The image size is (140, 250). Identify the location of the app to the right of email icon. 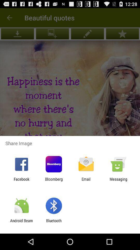
(118, 181).